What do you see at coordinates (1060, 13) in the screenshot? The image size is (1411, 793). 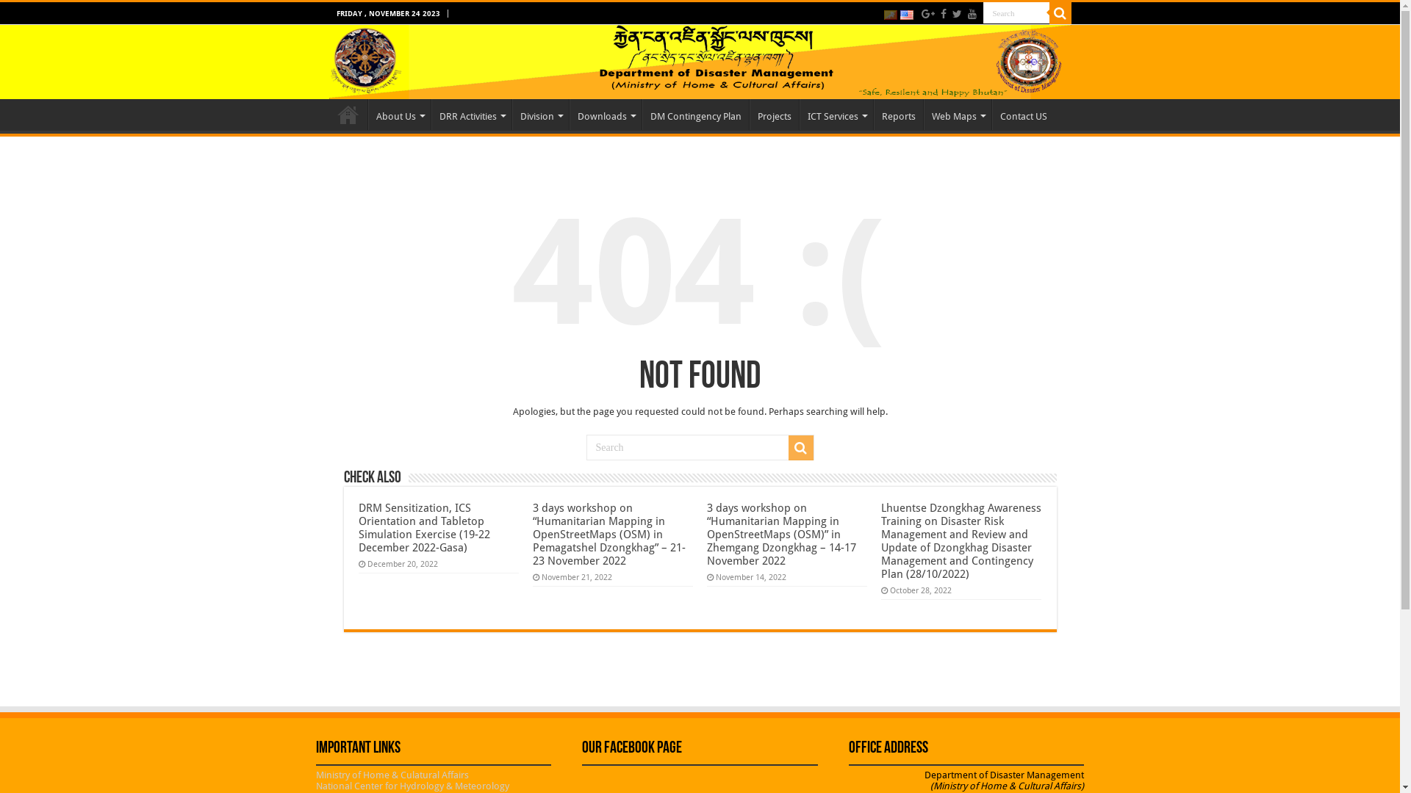 I see `'Search'` at bounding box center [1060, 13].